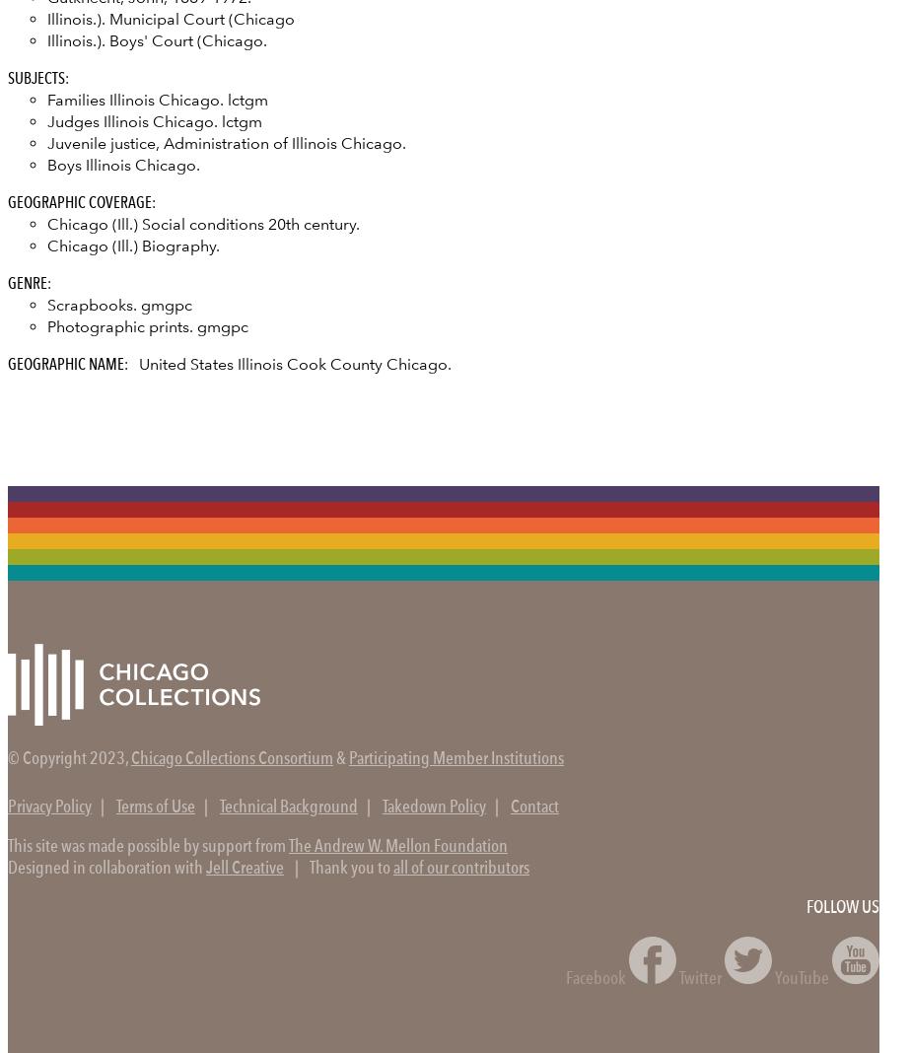 The width and height of the screenshot is (911, 1053). Describe the element at coordinates (49, 807) in the screenshot. I see `'Privacy Policy'` at that location.